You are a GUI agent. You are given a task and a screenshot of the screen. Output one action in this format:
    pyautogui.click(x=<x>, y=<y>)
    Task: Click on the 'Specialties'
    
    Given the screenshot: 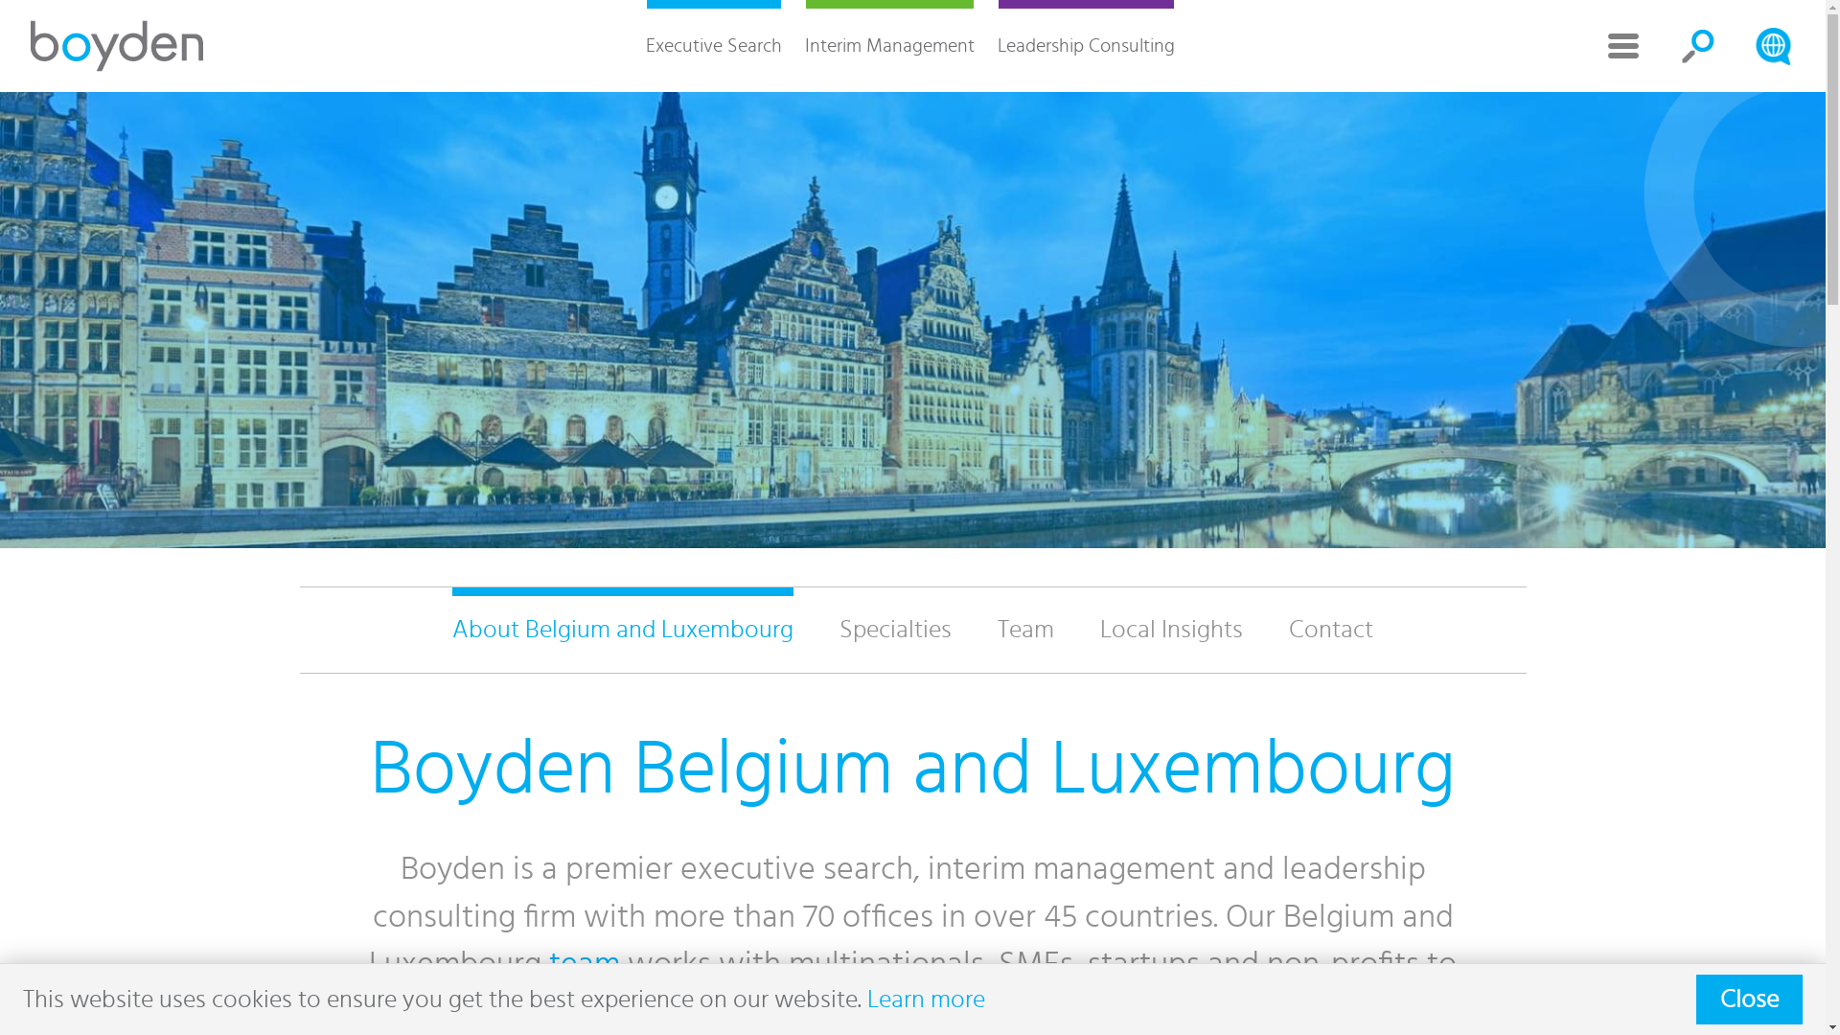 What is the action you would take?
    pyautogui.click(x=816, y=630)
    